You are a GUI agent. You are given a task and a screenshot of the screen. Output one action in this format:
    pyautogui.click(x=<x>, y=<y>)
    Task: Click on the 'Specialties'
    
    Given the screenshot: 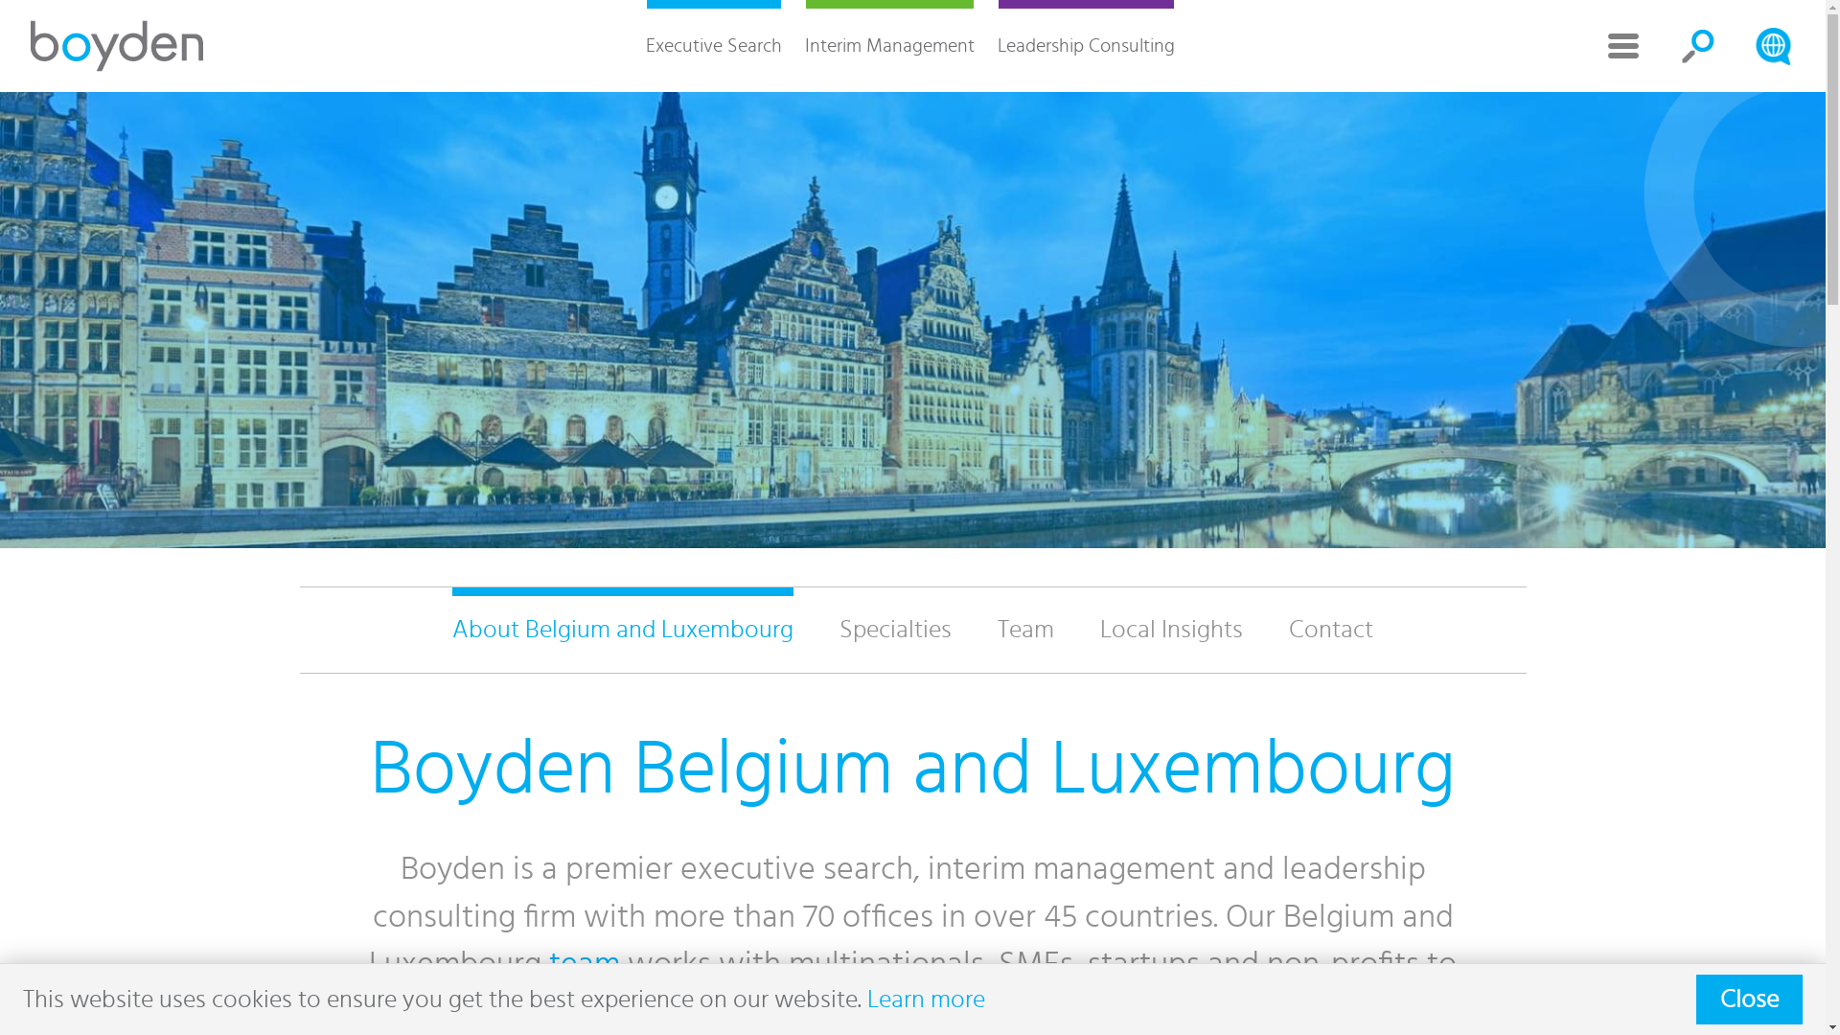 What is the action you would take?
    pyautogui.click(x=816, y=630)
    